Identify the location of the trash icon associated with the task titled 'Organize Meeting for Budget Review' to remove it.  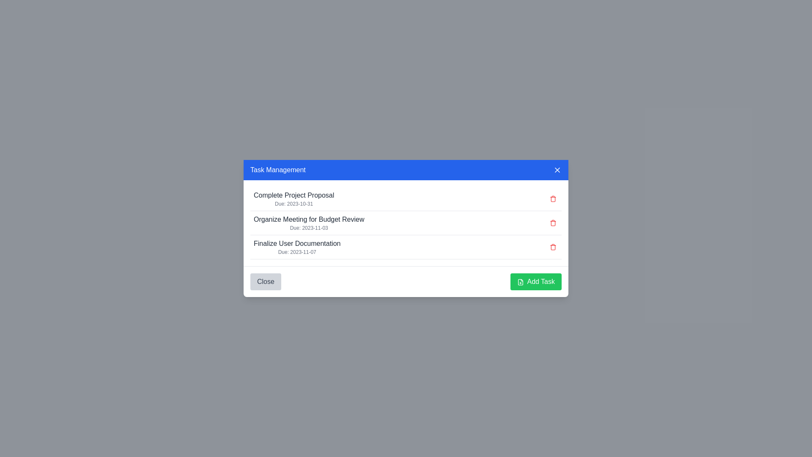
(553, 223).